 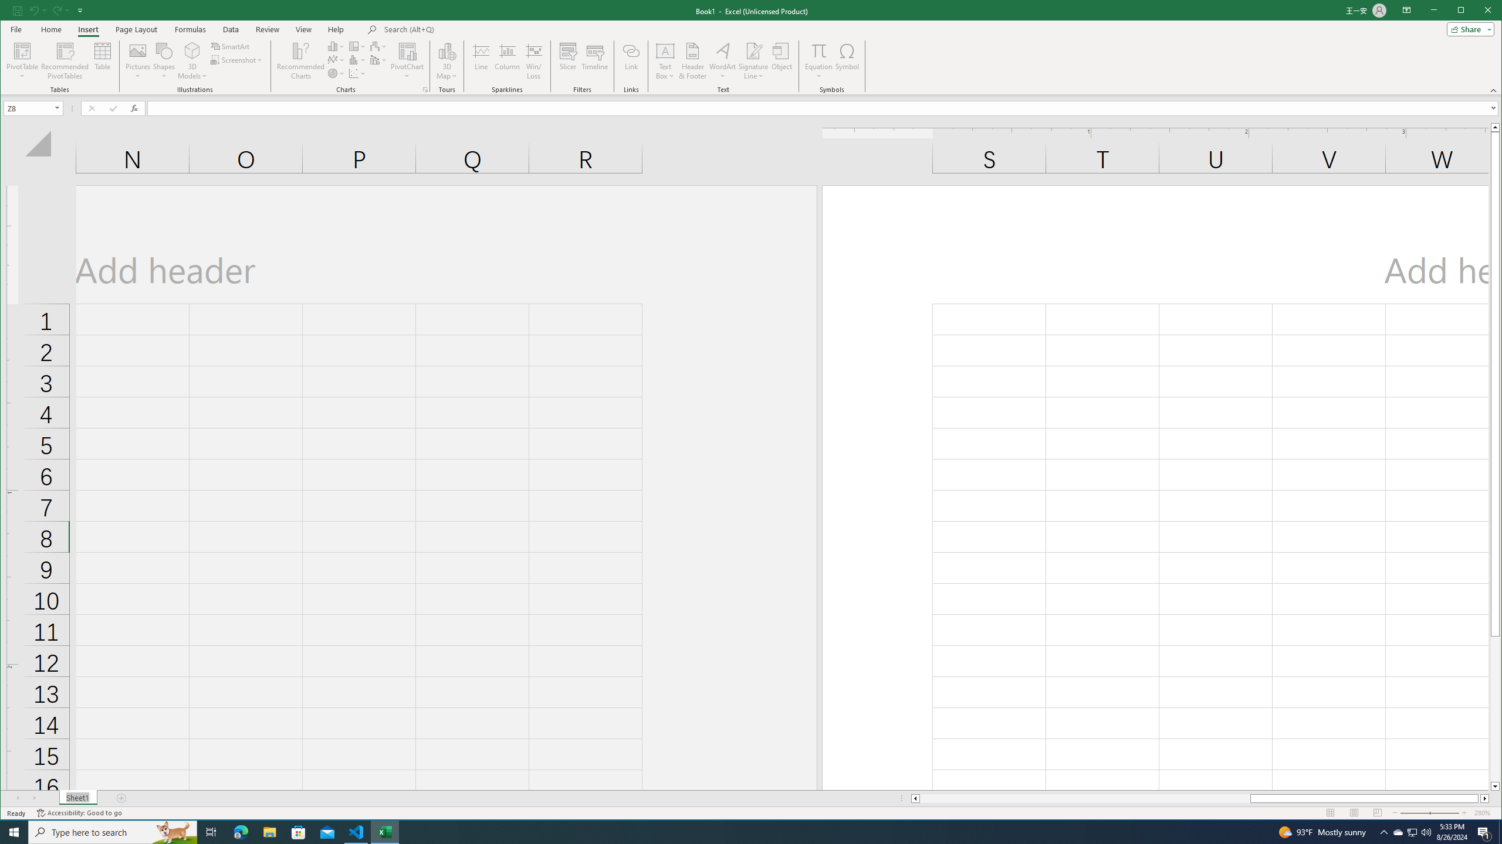 I want to click on 'Insert Waterfall, Funnel, Stock, Surface, or Radar Chart', so click(x=378, y=46).